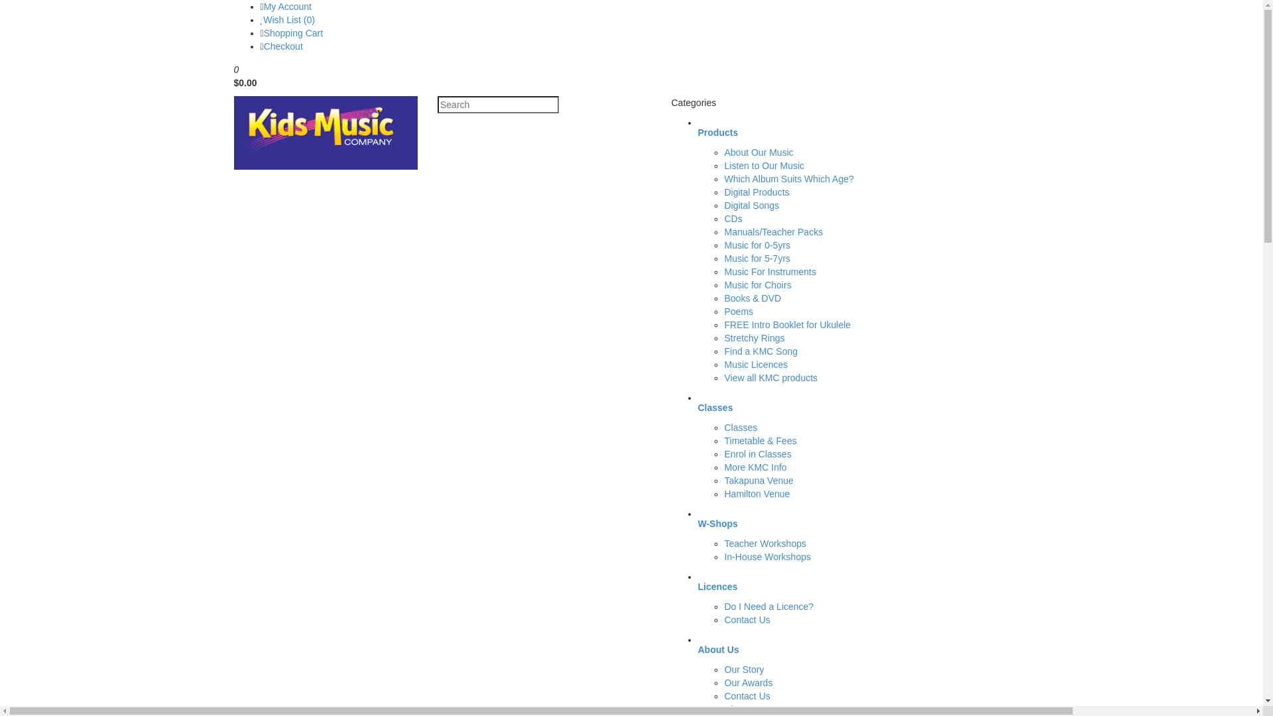  What do you see at coordinates (723, 682) in the screenshot?
I see `'Our Awards'` at bounding box center [723, 682].